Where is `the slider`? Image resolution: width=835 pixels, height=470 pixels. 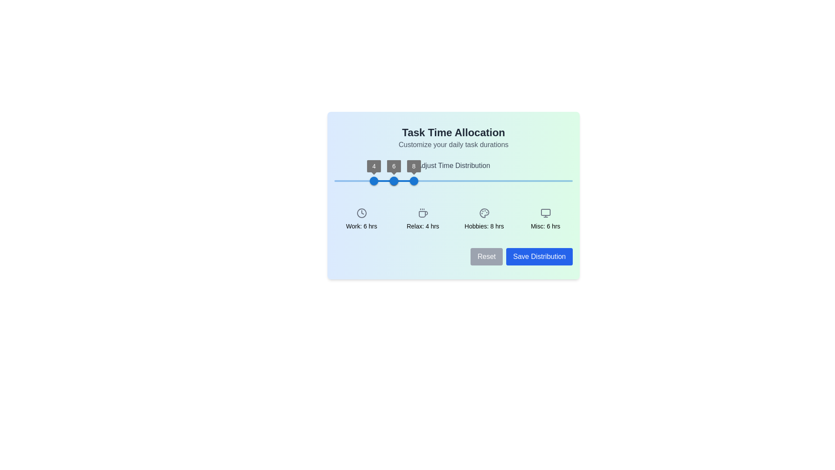
the slider is located at coordinates (428, 174).